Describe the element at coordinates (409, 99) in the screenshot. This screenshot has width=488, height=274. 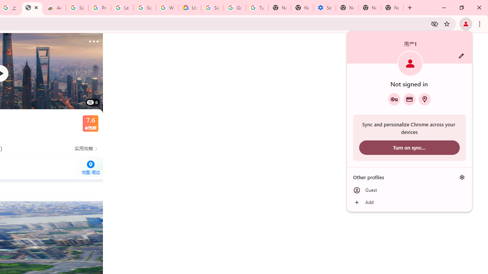
I see `'Payment methods'` at that location.